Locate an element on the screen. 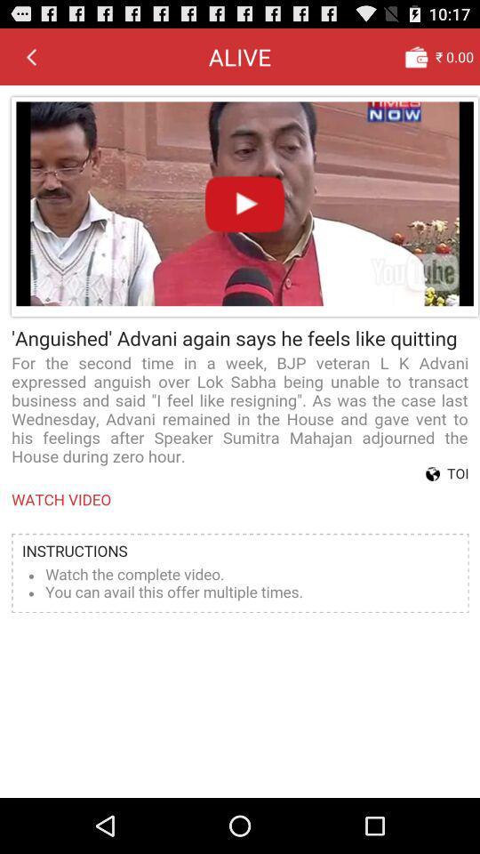 The width and height of the screenshot is (480, 854). the shop icon is located at coordinates (416, 60).